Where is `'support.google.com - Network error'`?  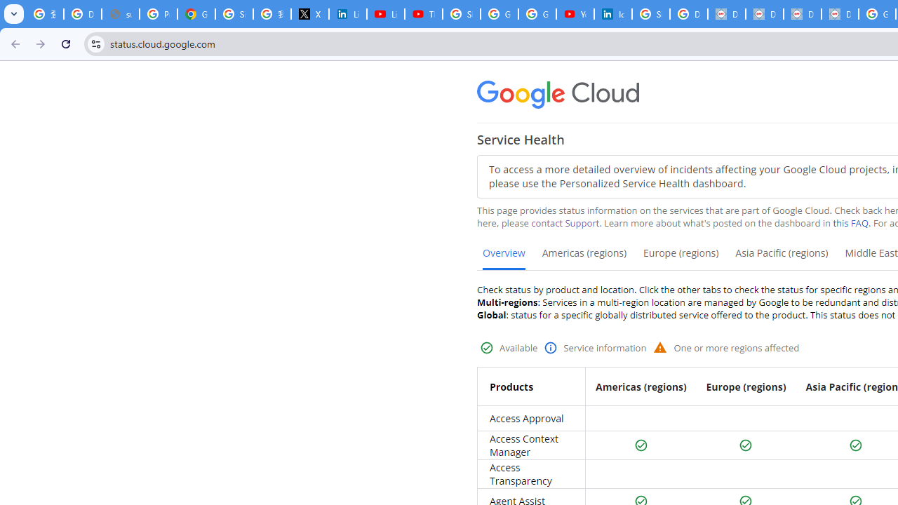 'support.google.com - Network error' is located at coordinates (120, 14).